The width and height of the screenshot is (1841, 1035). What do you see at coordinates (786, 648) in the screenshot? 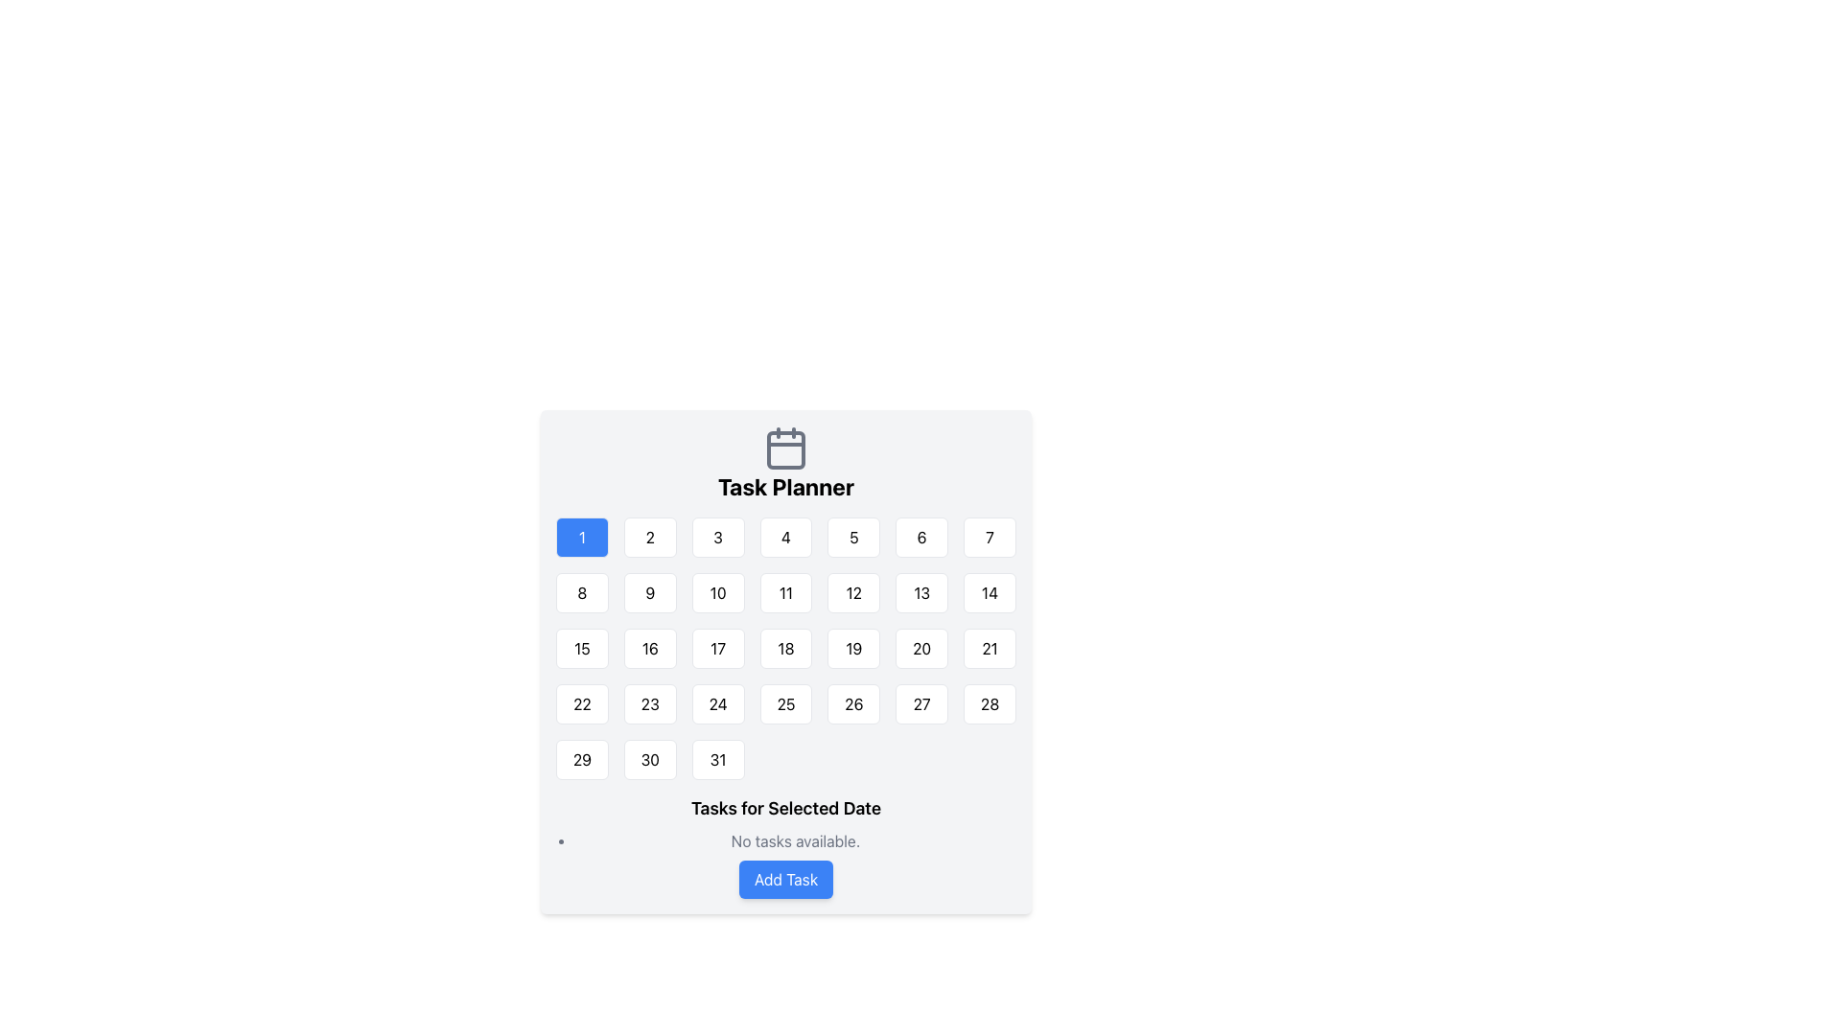
I see `the mouse` at bounding box center [786, 648].